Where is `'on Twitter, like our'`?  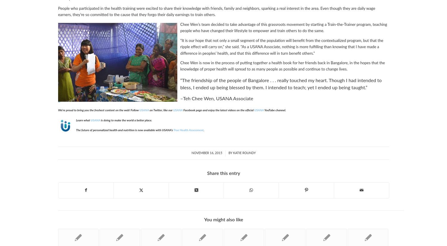
'on Twitter, like our' is located at coordinates (148, 110).